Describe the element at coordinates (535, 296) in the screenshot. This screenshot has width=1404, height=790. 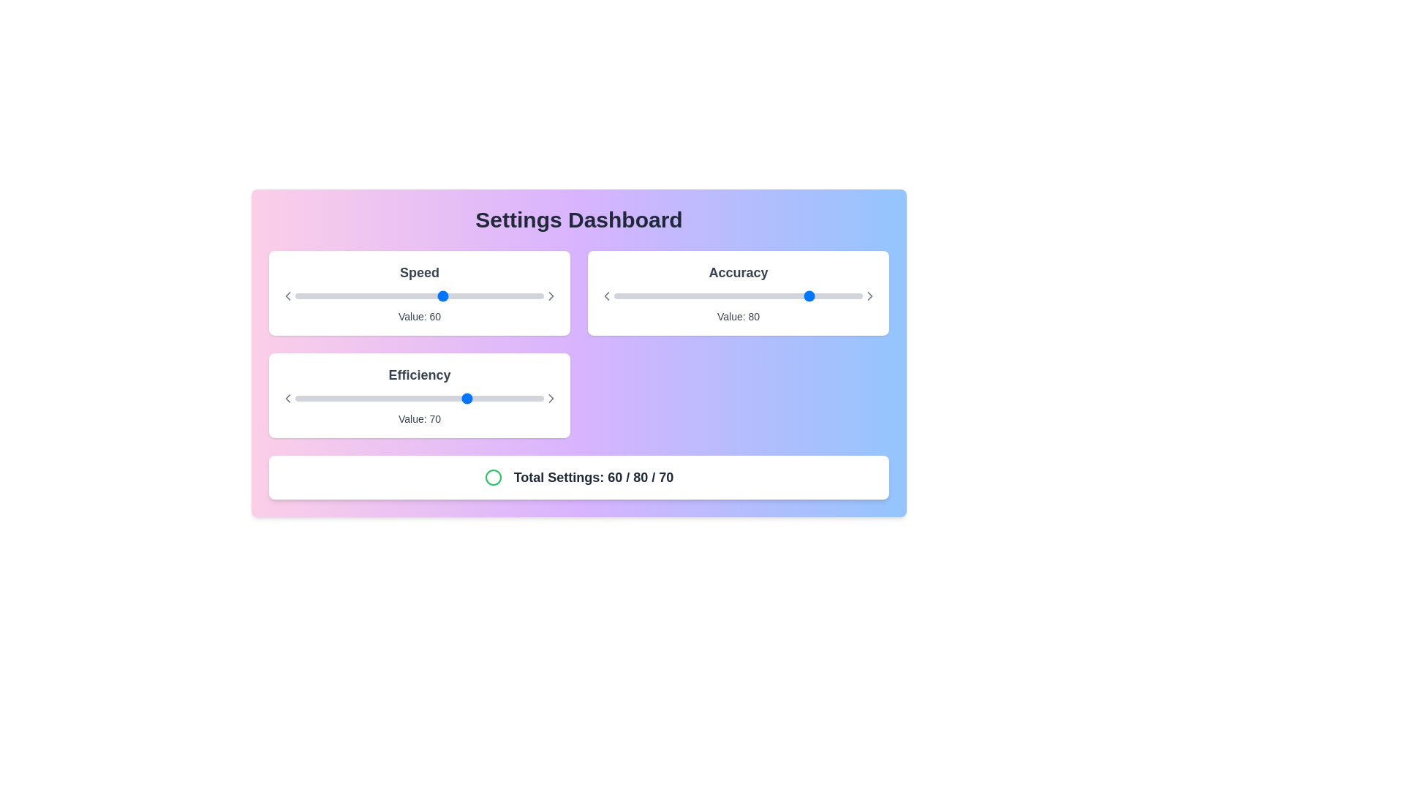
I see `the speed setting` at that location.